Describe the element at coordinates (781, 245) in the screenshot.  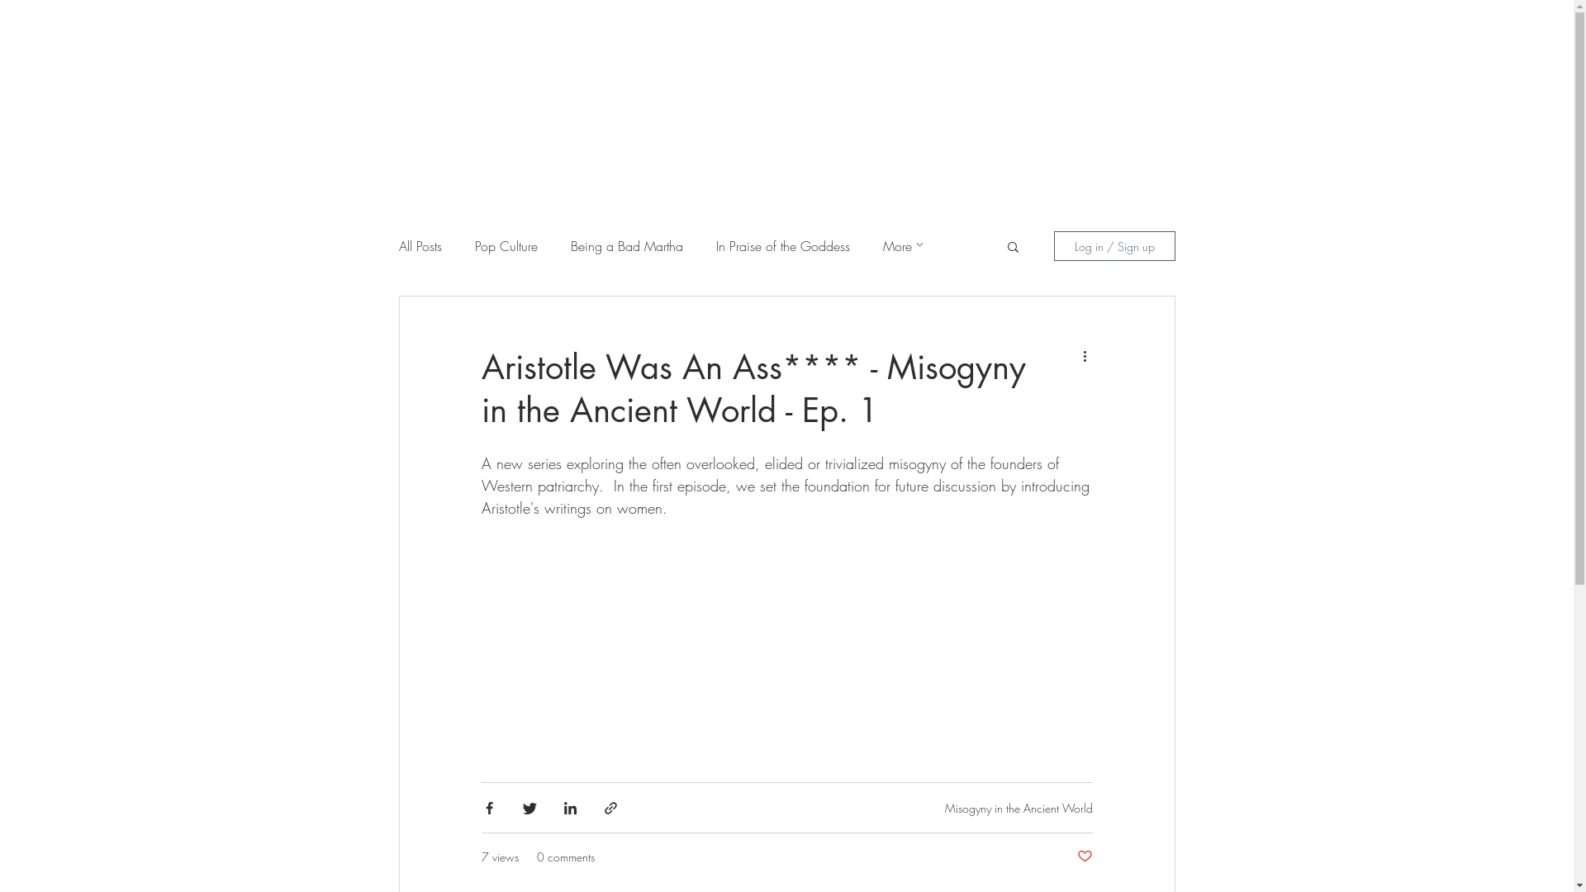
I see `'In Praise of the Goddess'` at that location.